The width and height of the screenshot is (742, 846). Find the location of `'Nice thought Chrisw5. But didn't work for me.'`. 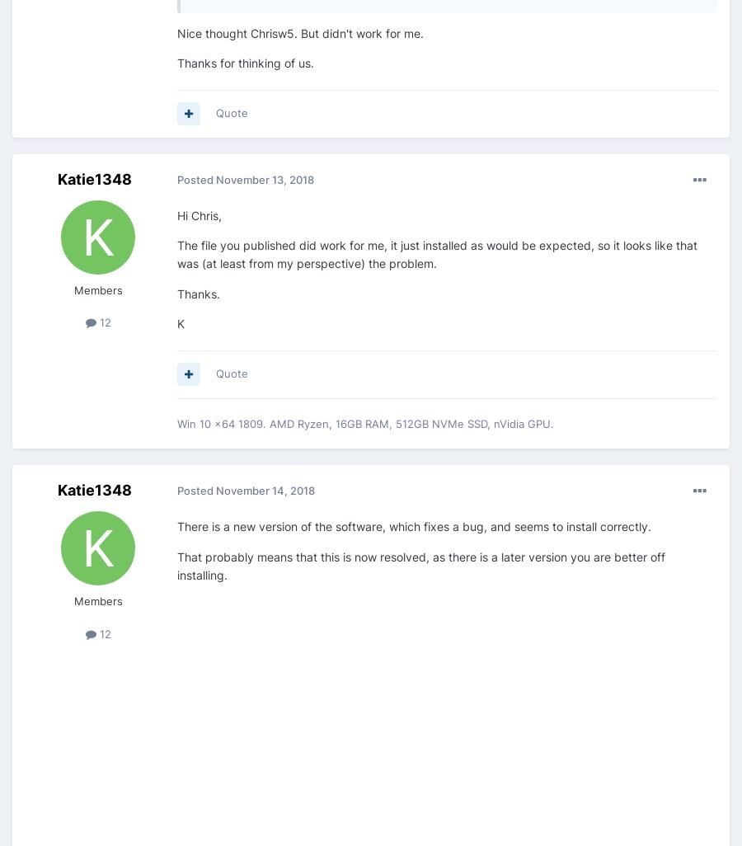

'Nice thought Chrisw5. But didn't work for me.' is located at coordinates (300, 32).